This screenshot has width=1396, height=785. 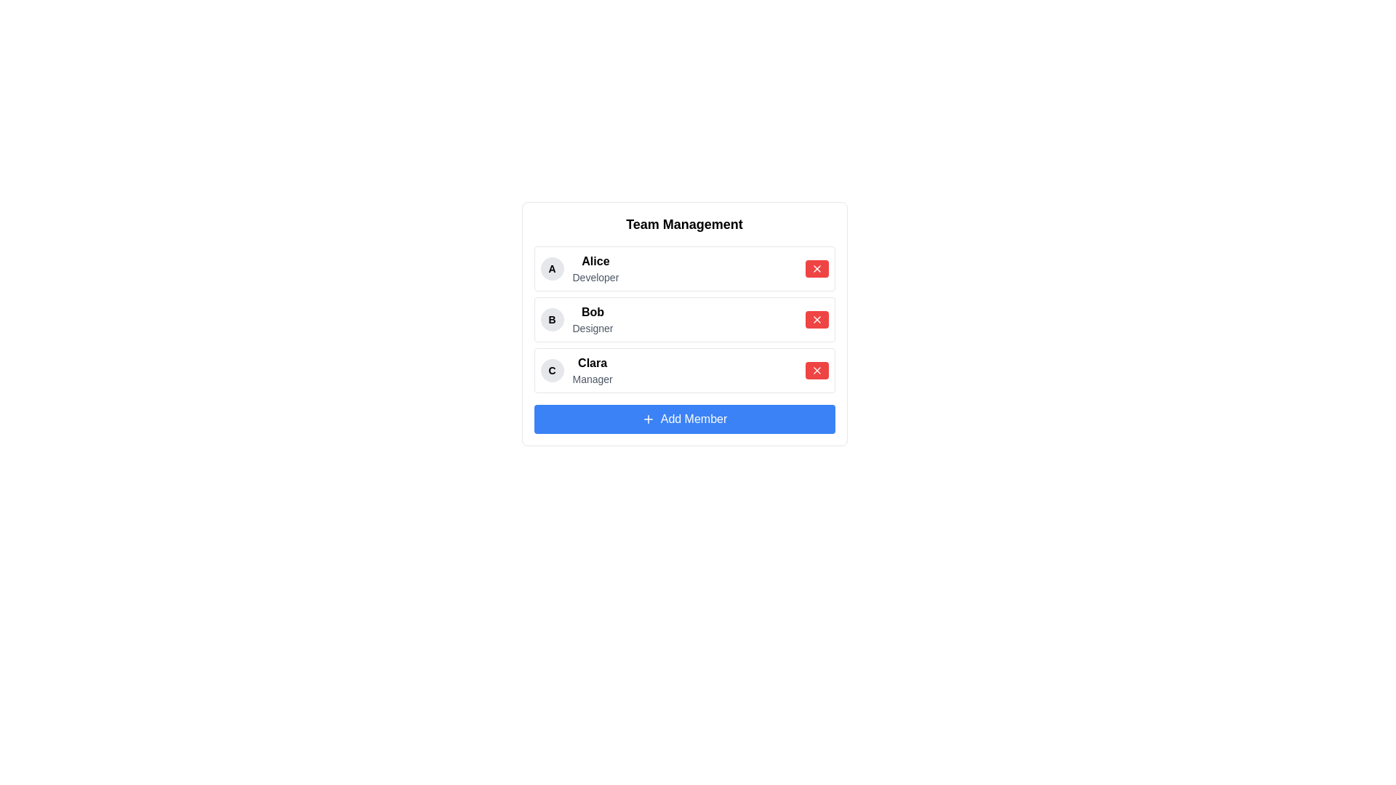 What do you see at coordinates (817, 369) in the screenshot?
I see `the small red button with a white 'X' icon located at the rightmost position of the 'Clara Manager' entry` at bounding box center [817, 369].